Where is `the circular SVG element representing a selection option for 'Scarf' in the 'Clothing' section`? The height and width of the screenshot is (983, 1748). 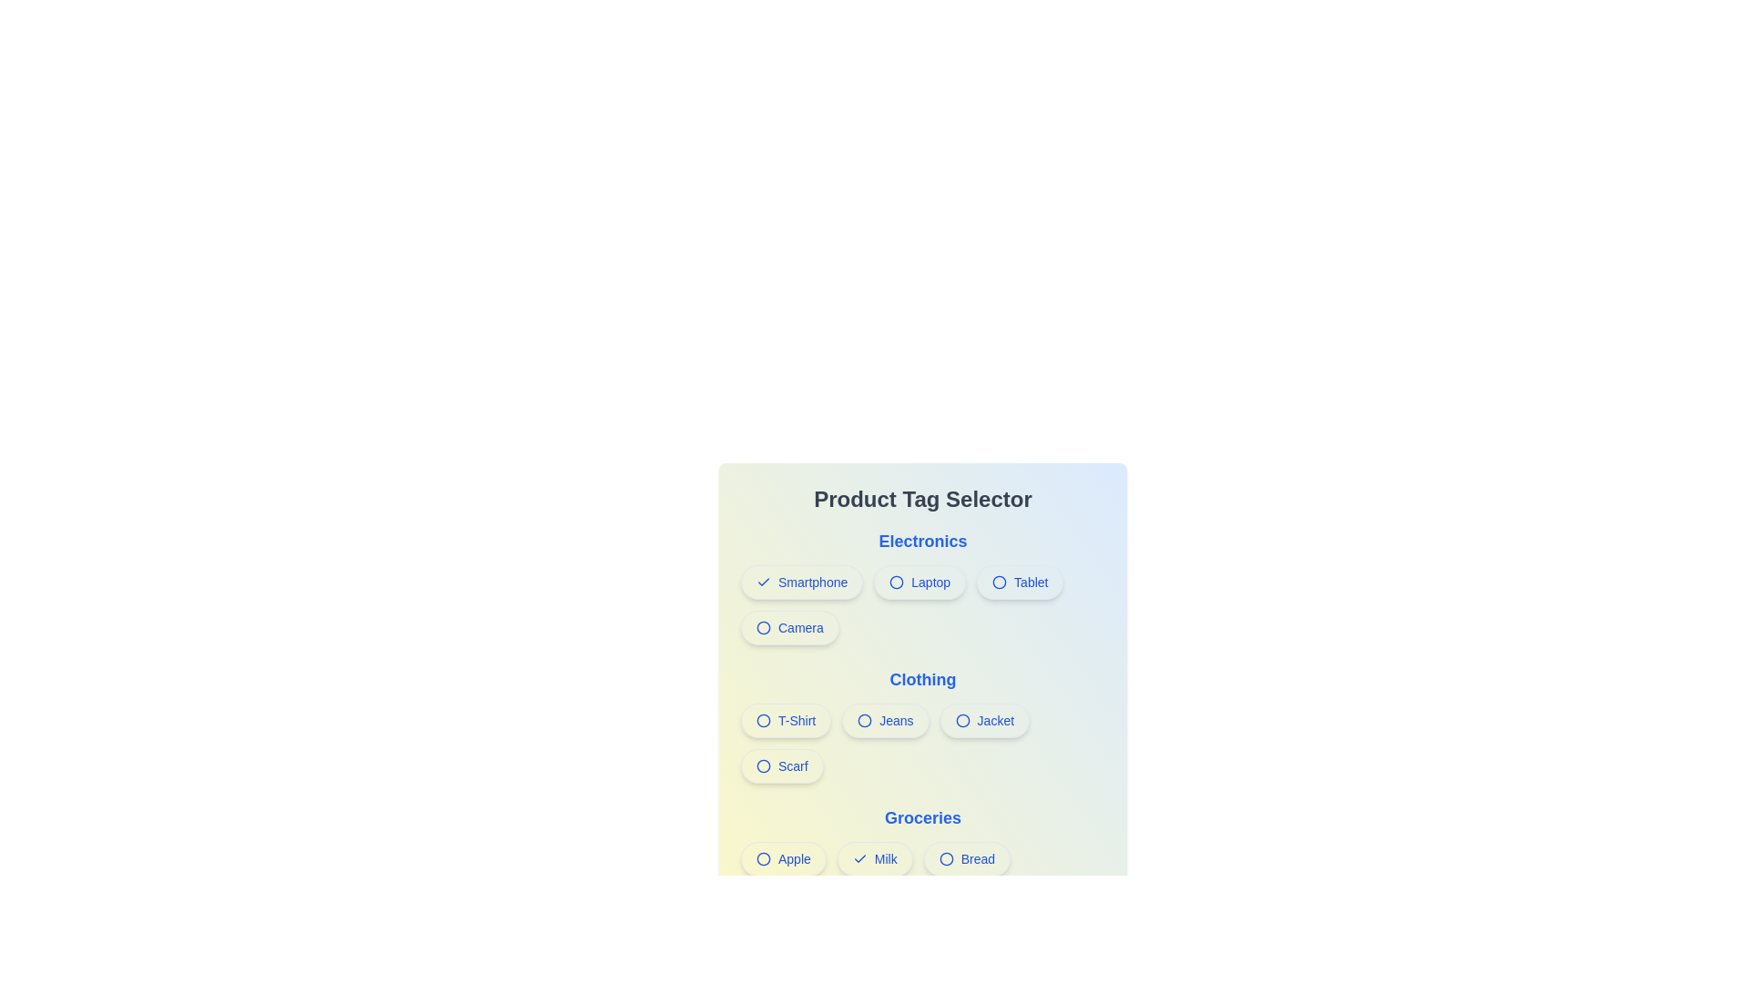
the circular SVG element representing a selection option for 'Scarf' in the 'Clothing' section is located at coordinates (764, 765).